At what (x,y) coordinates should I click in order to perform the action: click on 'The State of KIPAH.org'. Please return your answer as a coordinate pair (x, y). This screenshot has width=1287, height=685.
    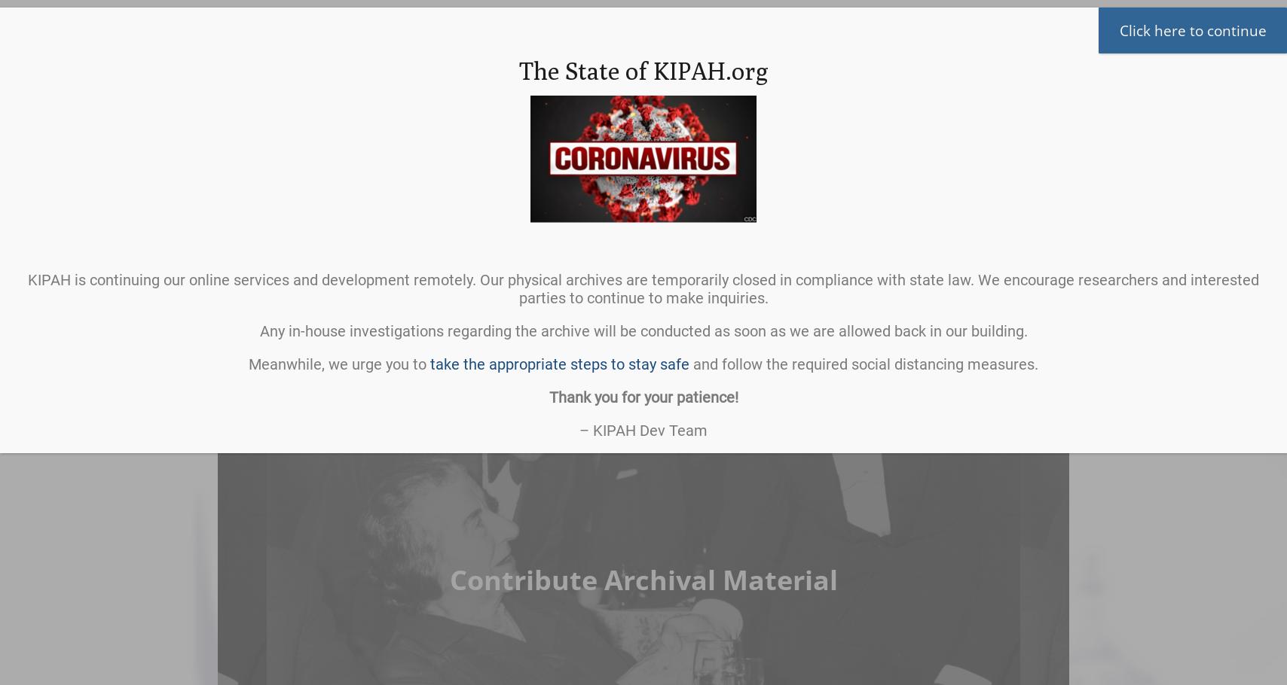
    Looking at the image, I should click on (643, 69).